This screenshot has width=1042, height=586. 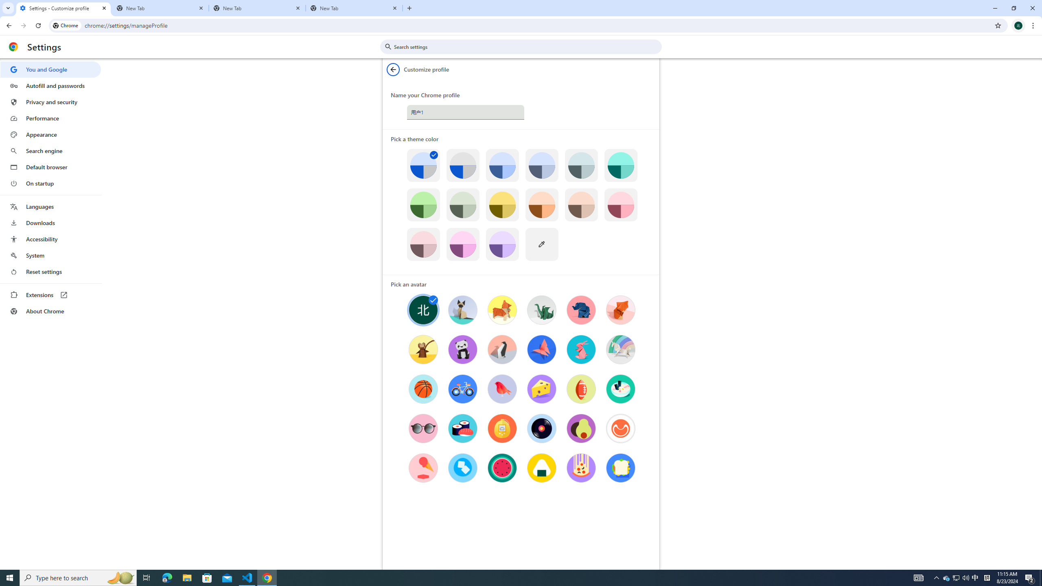 What do you see at coordinates (50, 118) in the screenshot?
I see `'Performance'` at bounding box center [50, 118].